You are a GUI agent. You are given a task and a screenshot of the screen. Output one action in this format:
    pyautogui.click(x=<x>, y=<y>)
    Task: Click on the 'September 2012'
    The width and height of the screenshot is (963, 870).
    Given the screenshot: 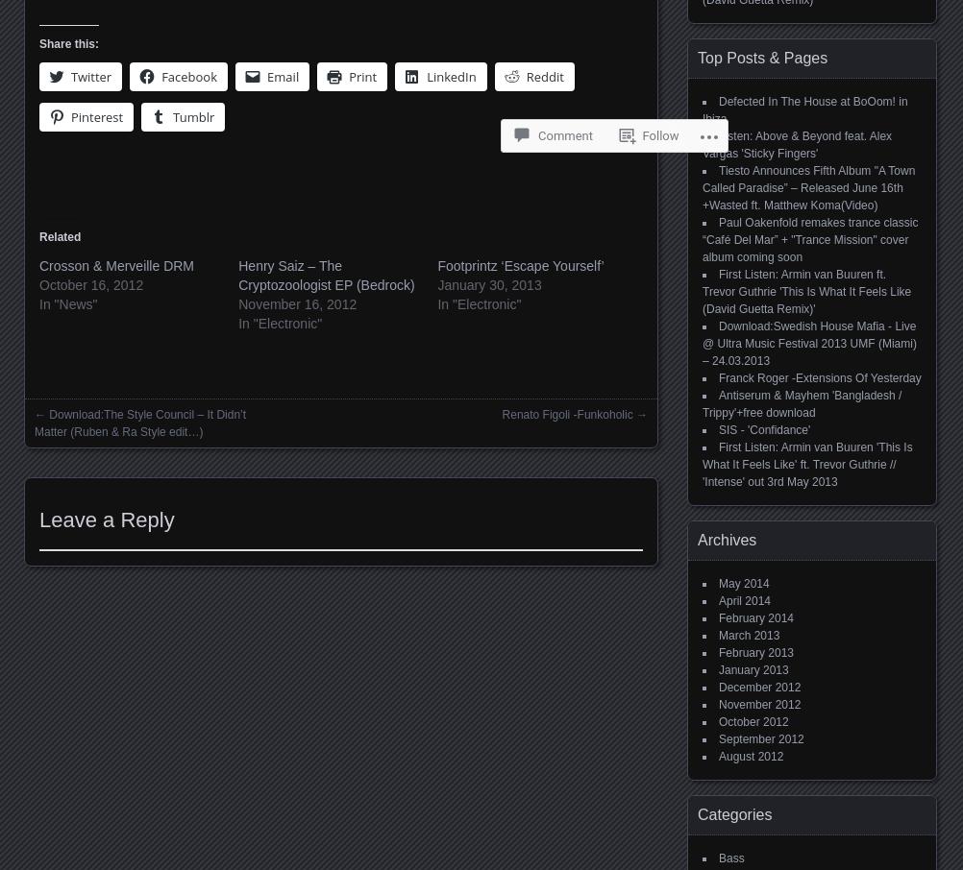 What is the action you would take?
    pyautogui.click(x=759, y=738)
    